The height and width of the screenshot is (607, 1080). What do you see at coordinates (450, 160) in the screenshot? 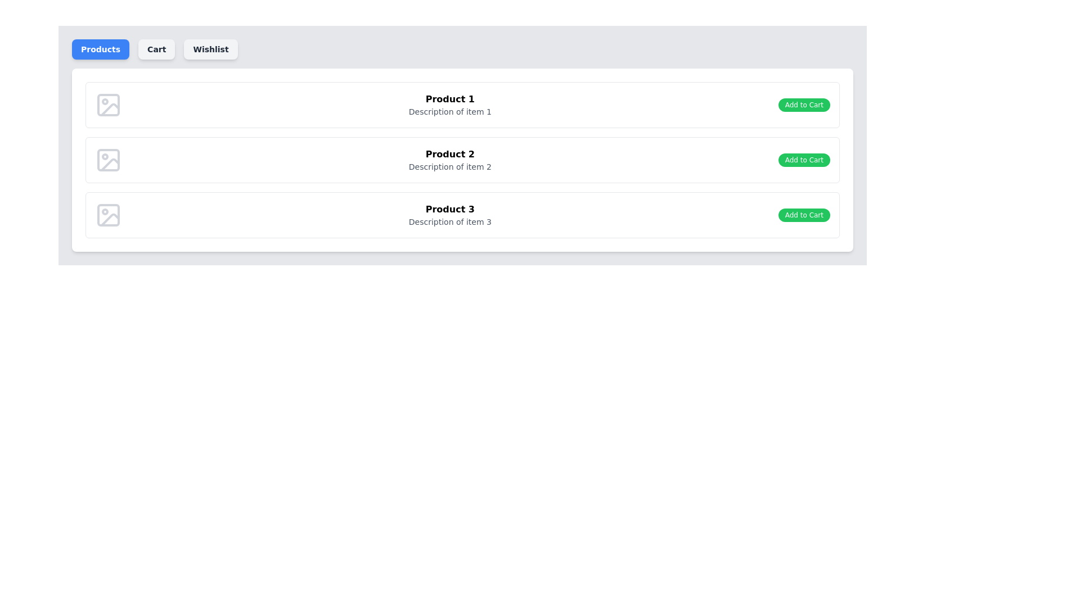
I see `product details from the text block that contains 'Product 2' and its description, which is styled in bold and smaller gray font, located in the product details section as the second row of the product list` at bounding box center [450, 160].